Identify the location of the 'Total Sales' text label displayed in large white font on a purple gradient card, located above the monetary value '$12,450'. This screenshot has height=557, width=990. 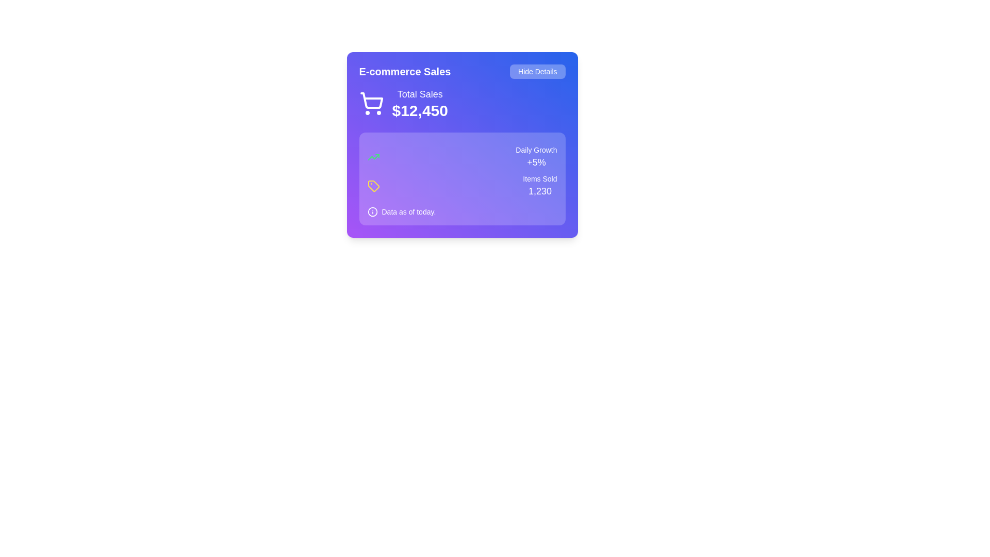
(420, 94).